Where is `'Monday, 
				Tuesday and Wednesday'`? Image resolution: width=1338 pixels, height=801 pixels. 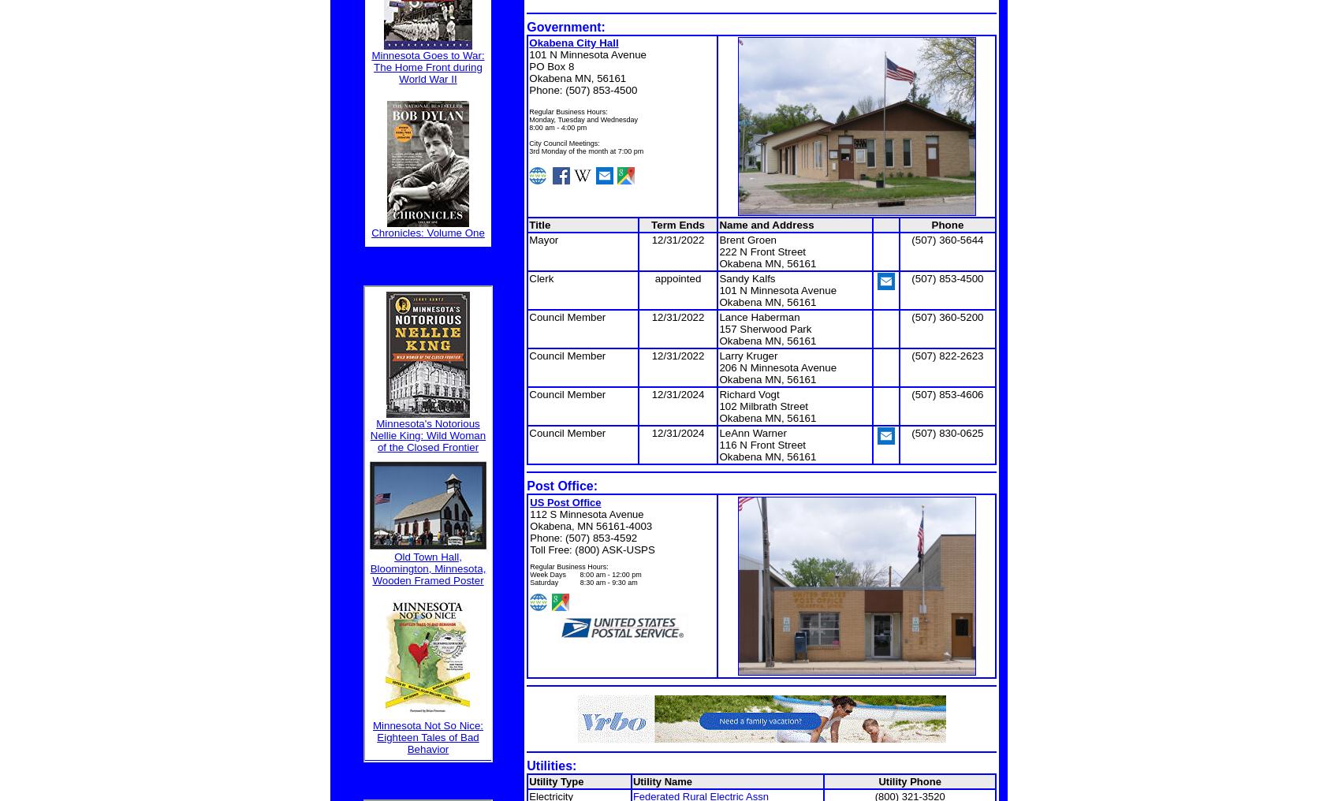 'Monday, 
				Tuesday and Wednesday' is located at coordinates (583, 117).